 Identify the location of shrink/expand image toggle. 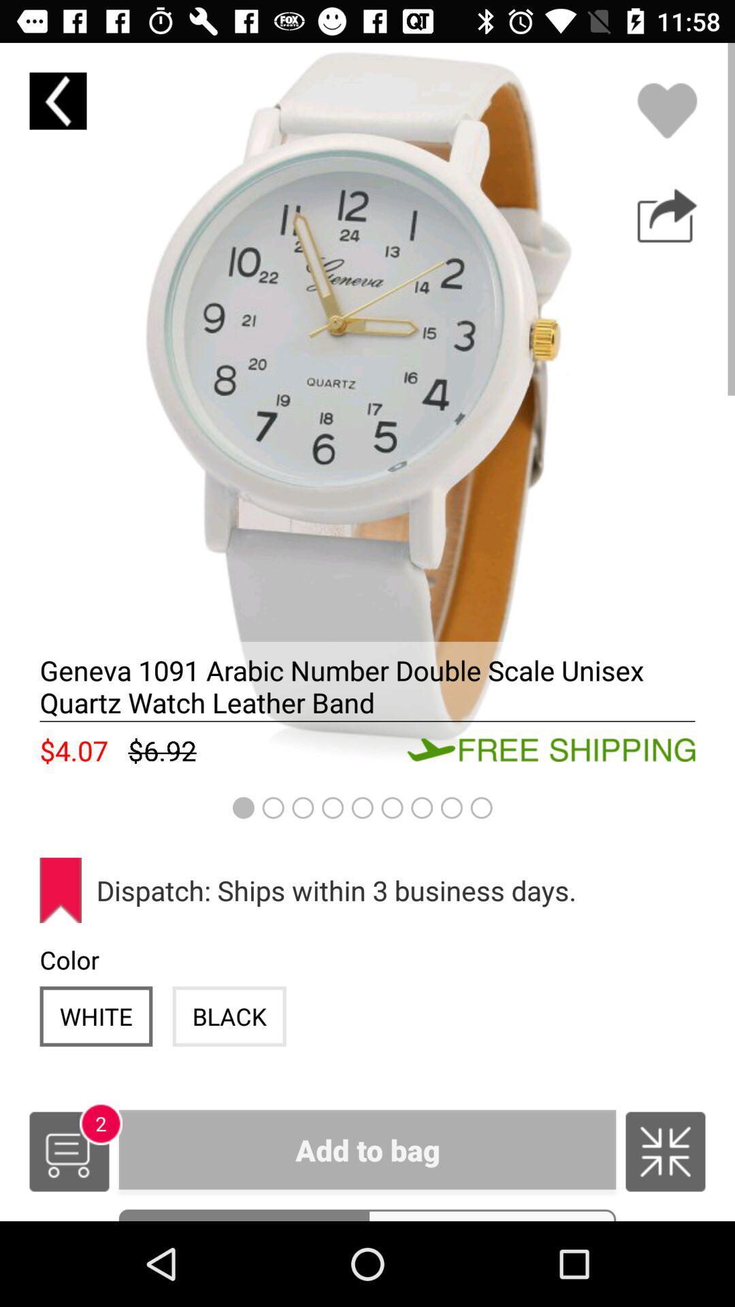
(665, 1151).